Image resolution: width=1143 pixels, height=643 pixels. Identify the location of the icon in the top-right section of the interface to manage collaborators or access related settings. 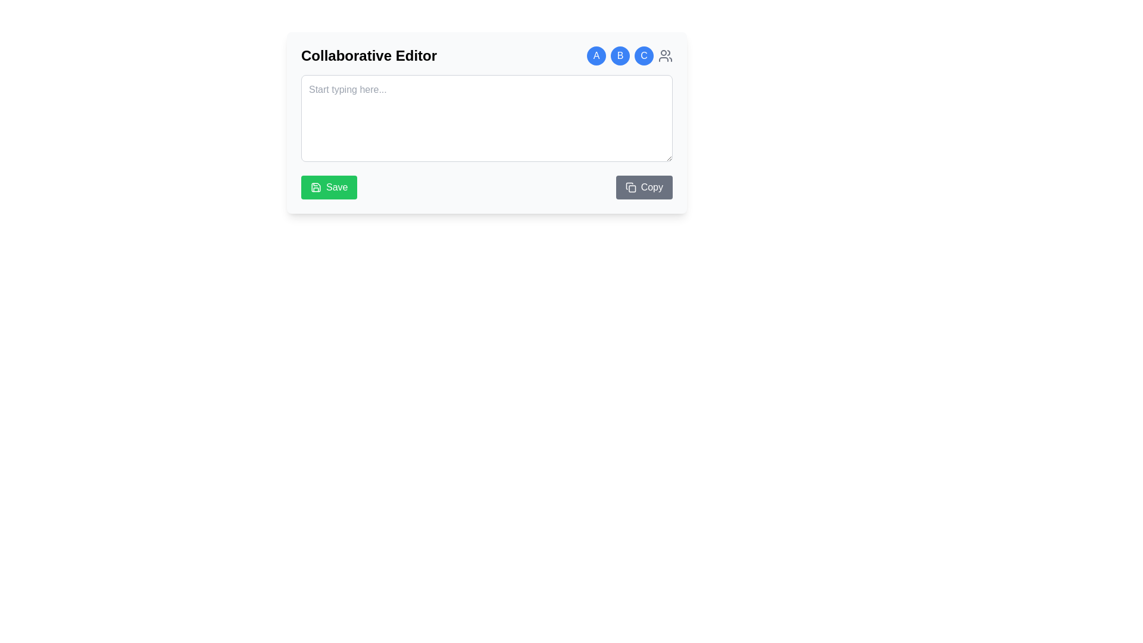
(665, 55).